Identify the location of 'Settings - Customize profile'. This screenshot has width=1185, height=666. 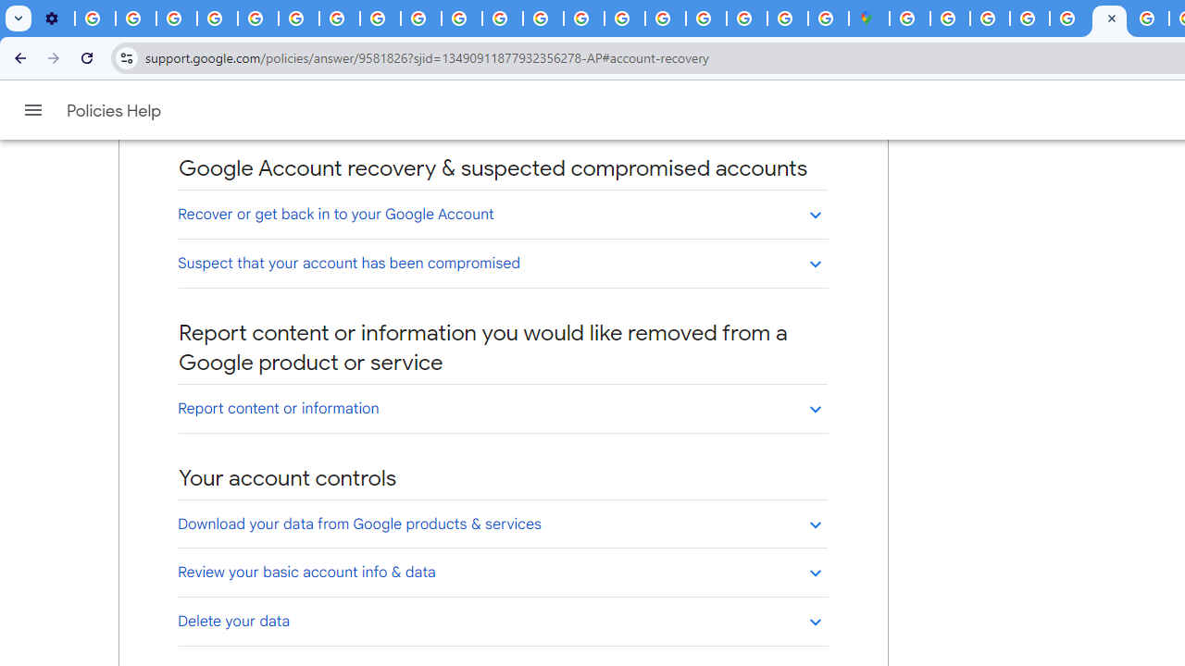
(54, 18).